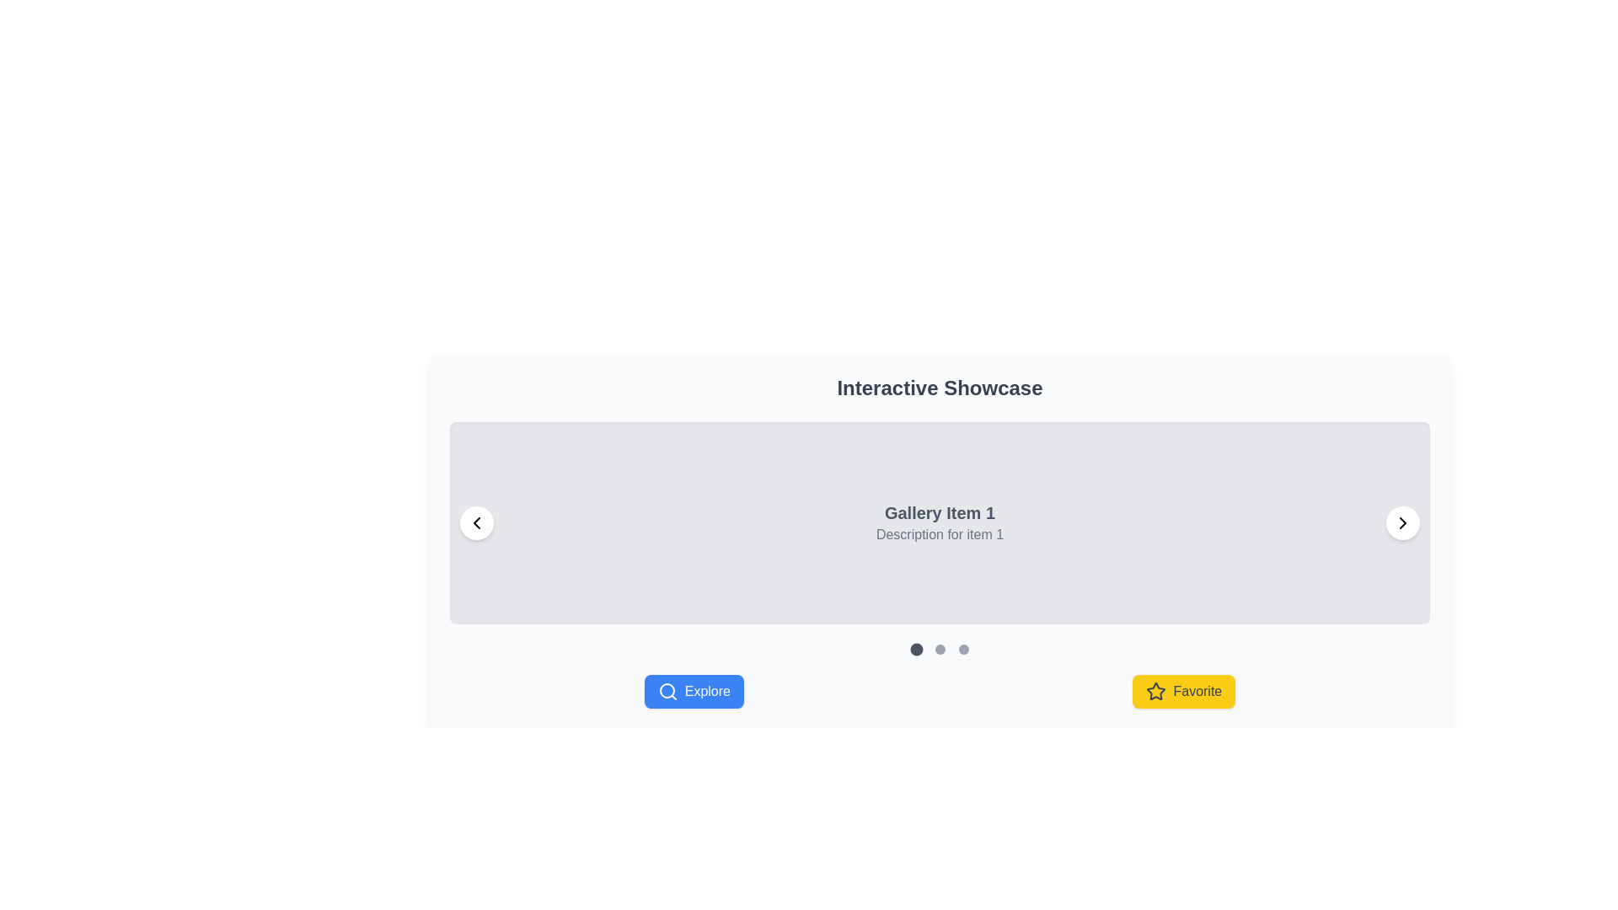 The width and height of the screenshot is (1618, 910). Describe the element at coordinates (939, 649) in the screenshot. I see `the active dot indicator in the carousel to trigger a tooltip or hover effect` at that location.